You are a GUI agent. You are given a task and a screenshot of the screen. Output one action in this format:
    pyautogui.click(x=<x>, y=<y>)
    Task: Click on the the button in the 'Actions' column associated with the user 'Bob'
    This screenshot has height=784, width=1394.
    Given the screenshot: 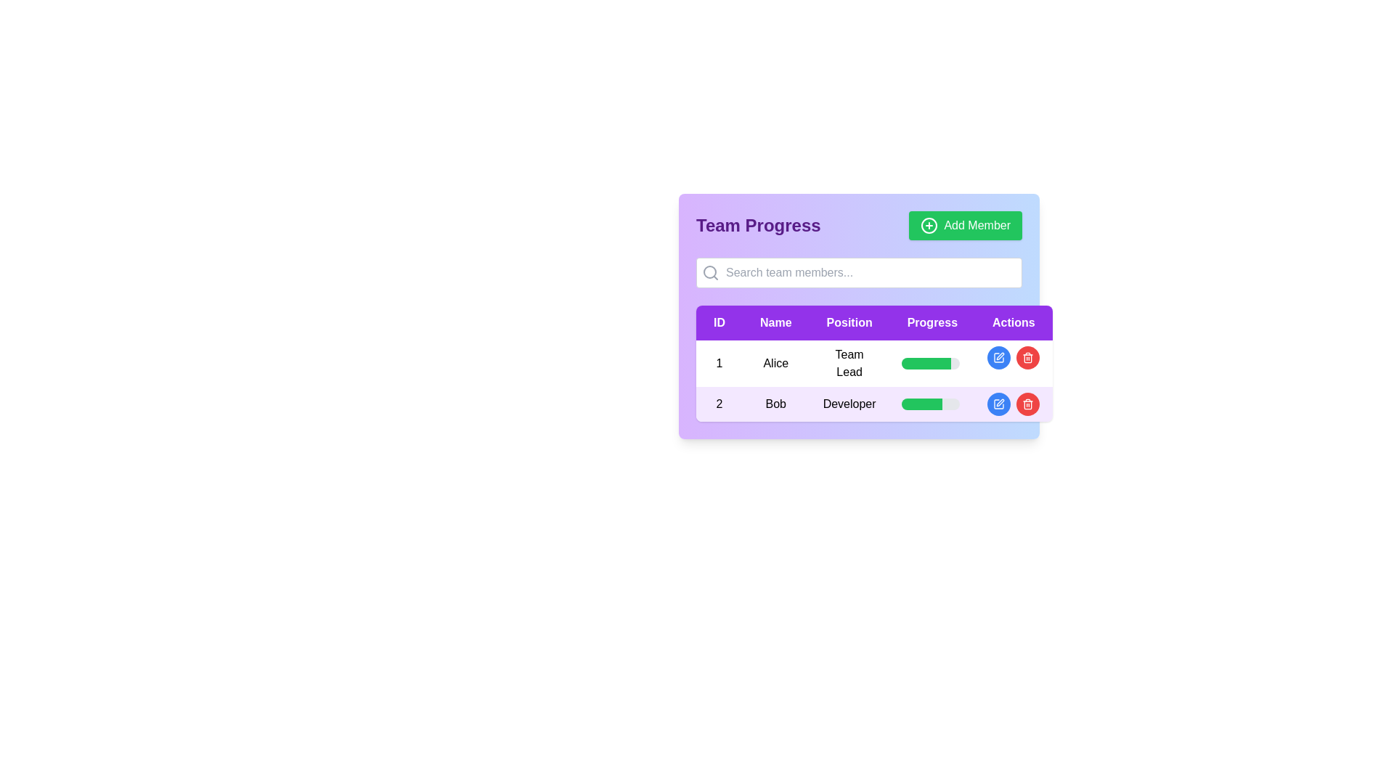 What is the action you would take?
    pyautogui.click(x=1013, y=404)
    